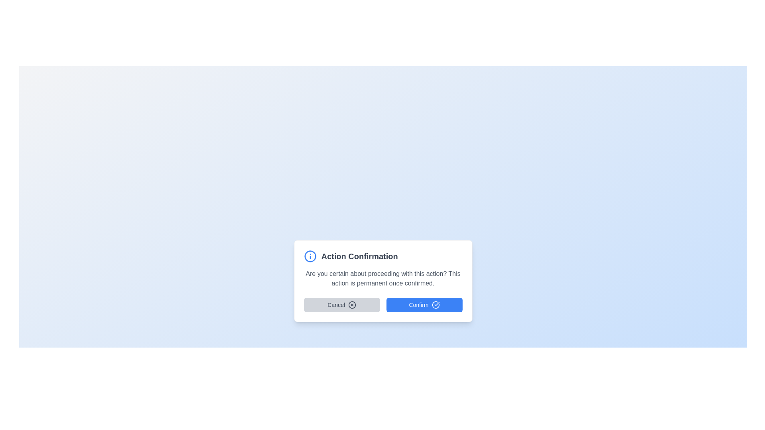 The image size is (765, 430). What do you see at coordinates (359, 256) in the screenshot?
I see `the 'Action Confirmation' text label, which is styled in bold, extra-large gray font and positioned to the right of an information icon in the top center of a modal dialog box` at bounding box center [359, 256].